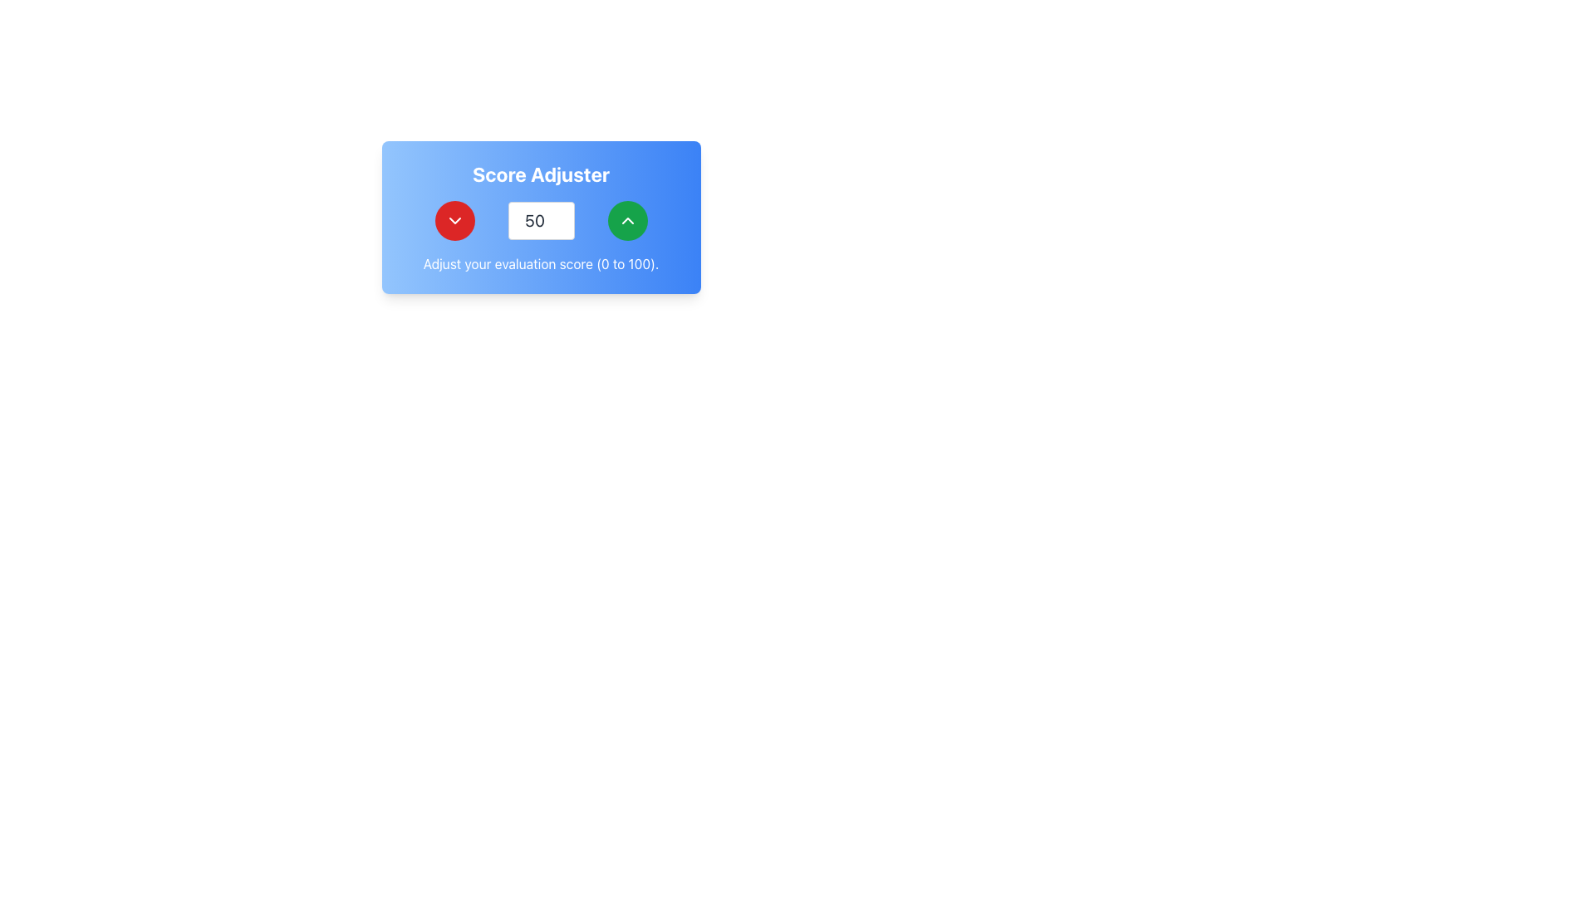  I want to click on the circular green button with a white upward arrow icon located at the far right of the Score Adjuster box, so click(626, 220).